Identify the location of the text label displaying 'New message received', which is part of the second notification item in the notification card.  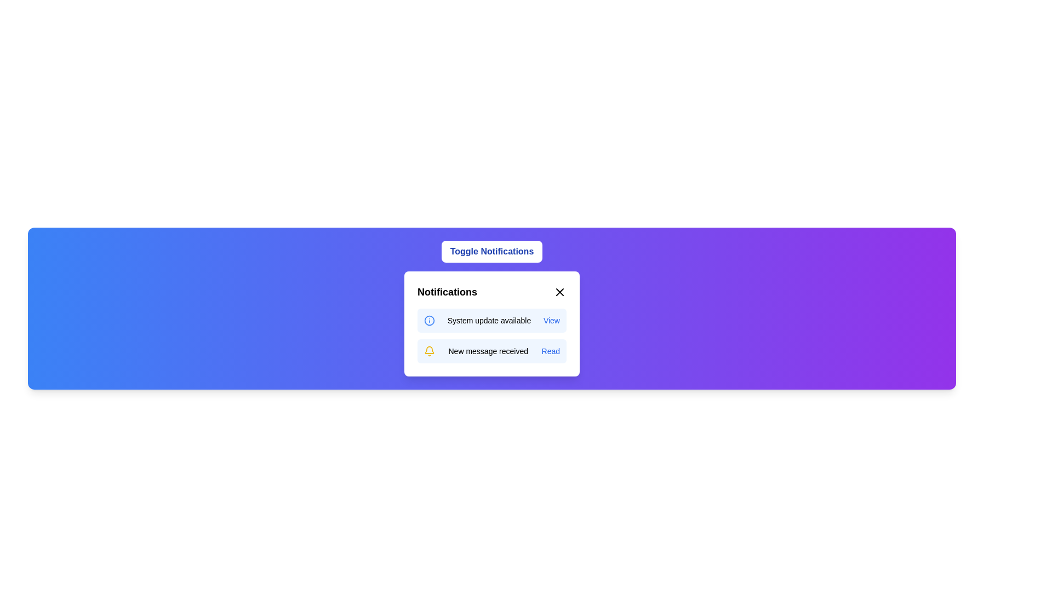
(488, 351).